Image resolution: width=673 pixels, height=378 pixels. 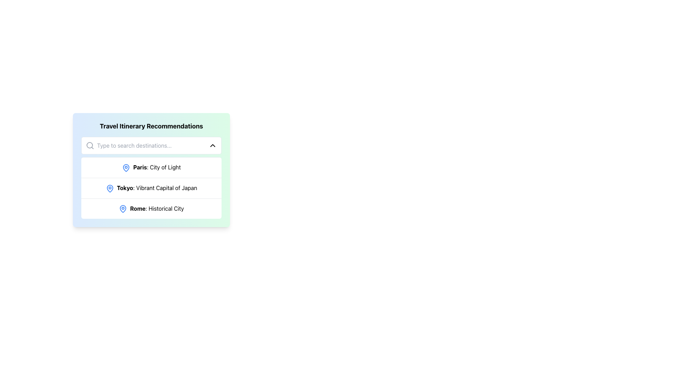 What do you see at coordinates (151, 208) in the screenshot?
I see `the third row in the 'Travel Itinerary Recommendations' list which features a location icon and the text 'Rome'` at bounding box center [151, 208].